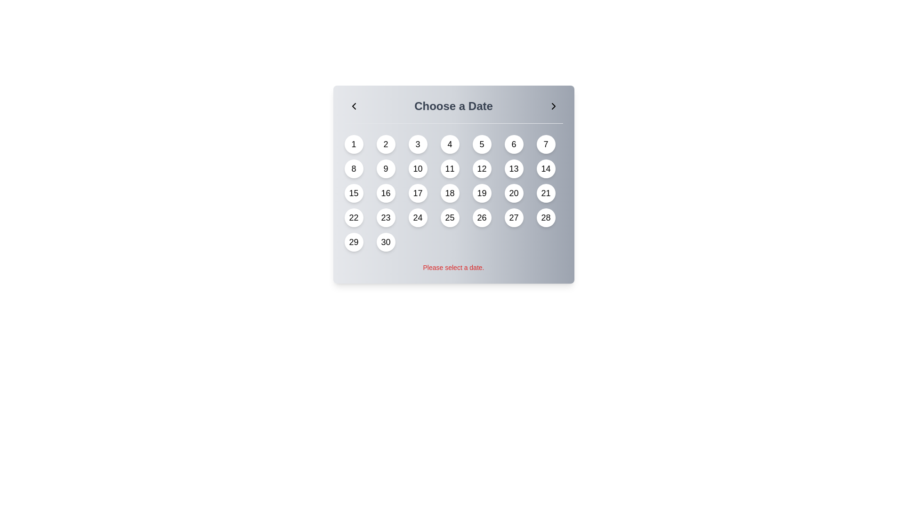 This screenshot has width=904, height=508. Describe the element at coordinates (482, 193) in the screenshot. I see `the calendar date button for the 19th day of the month located in the third row and fifth column of the grid layout` at that location.